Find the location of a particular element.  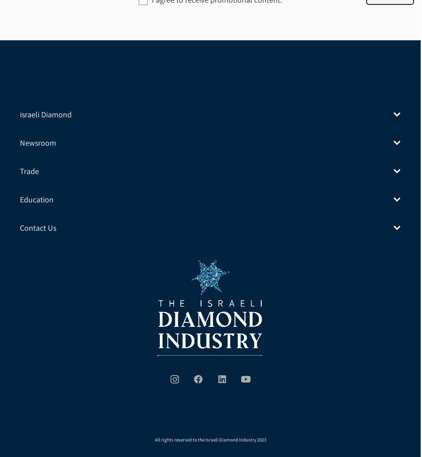

'Newsroom' is located at coordinates (37, 142).